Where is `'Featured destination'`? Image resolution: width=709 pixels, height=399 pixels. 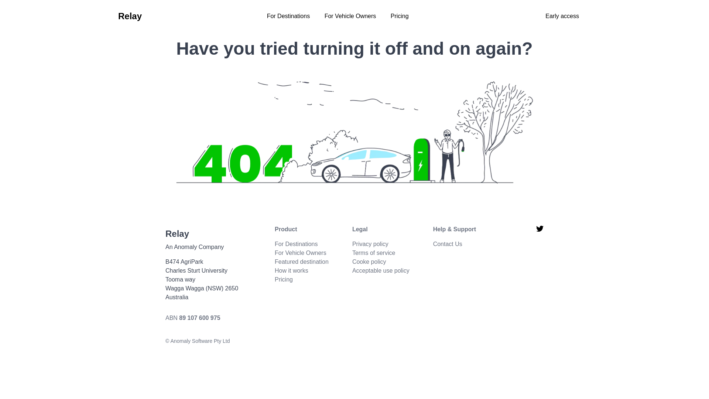
'Featured destination' is located at coordinates (301, 261).